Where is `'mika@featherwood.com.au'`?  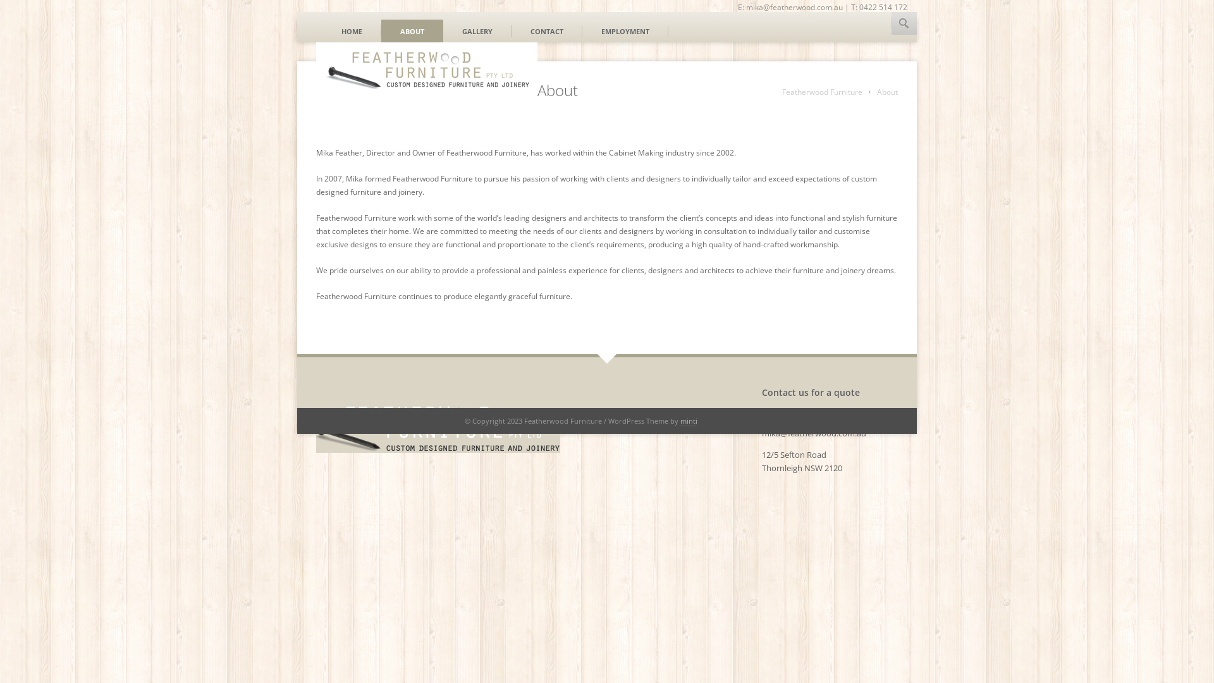 'mika@featherwood.com.au' is located at coordinates (814, 433).